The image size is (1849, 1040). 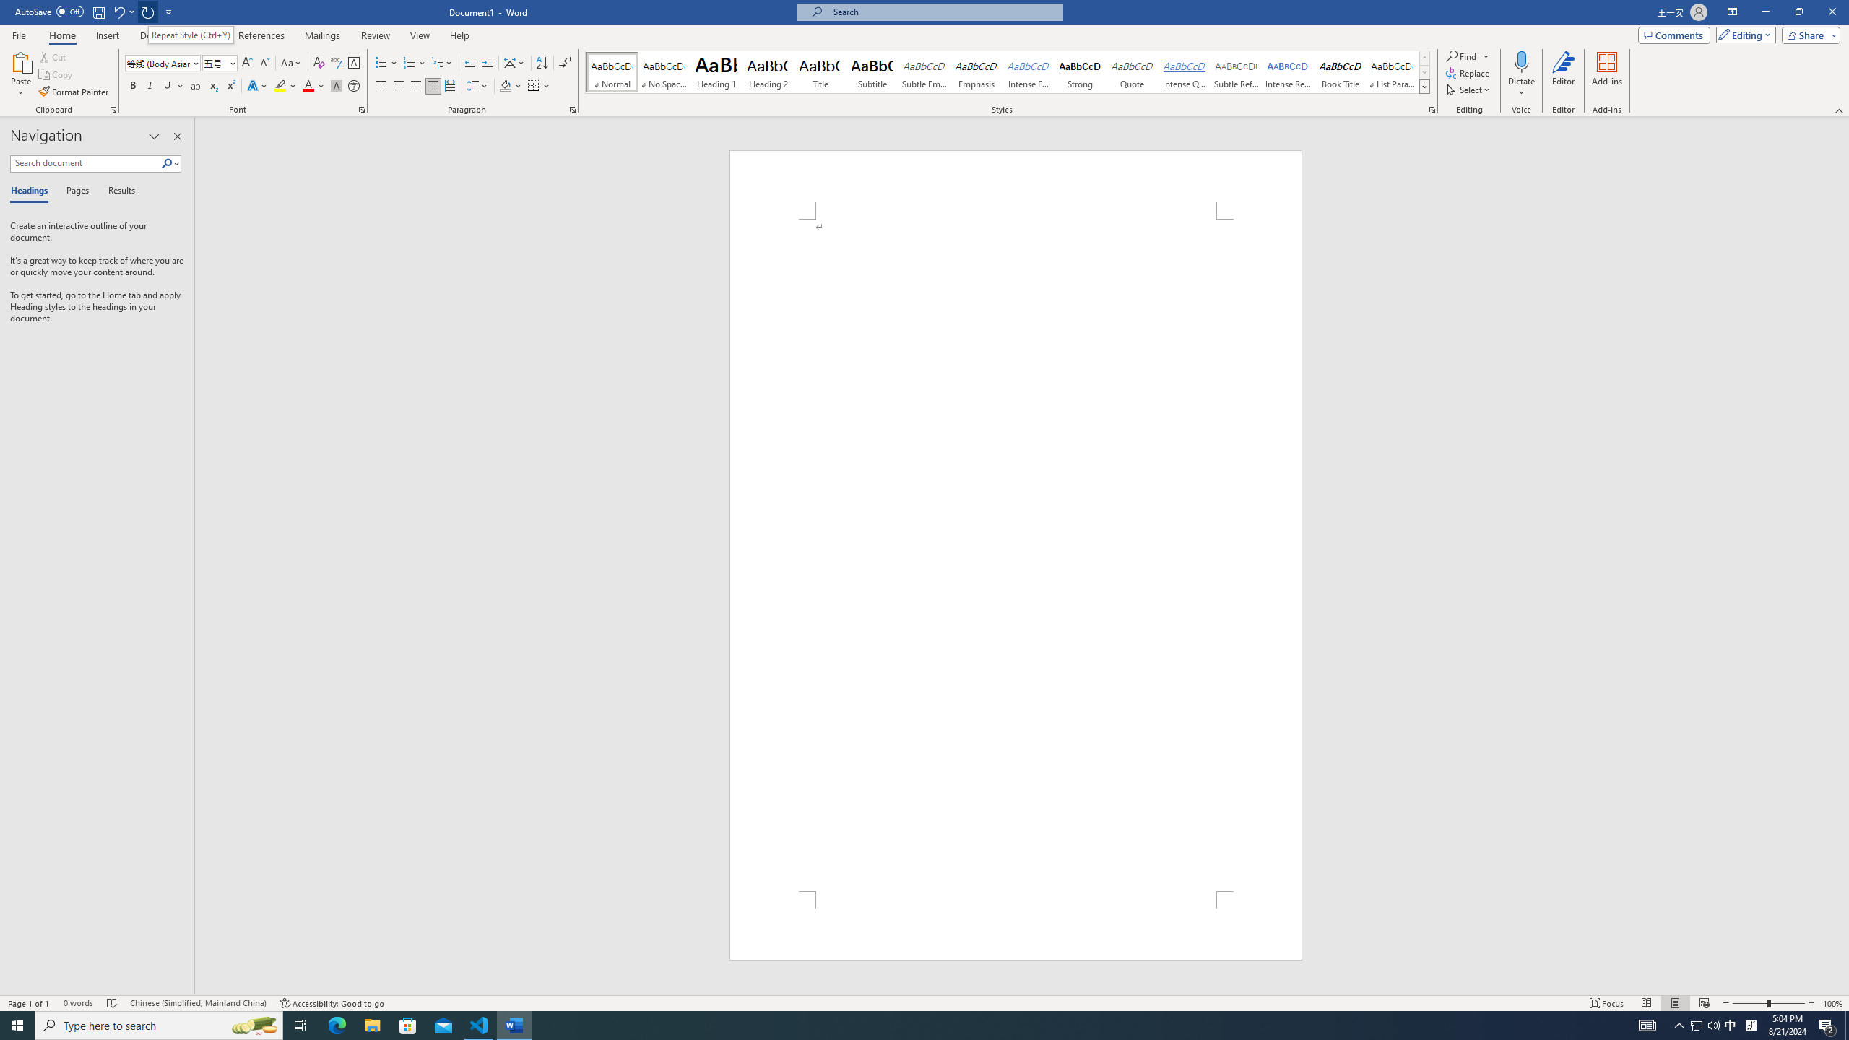 I want to click on 'Paste', so click(x=20, y=61).